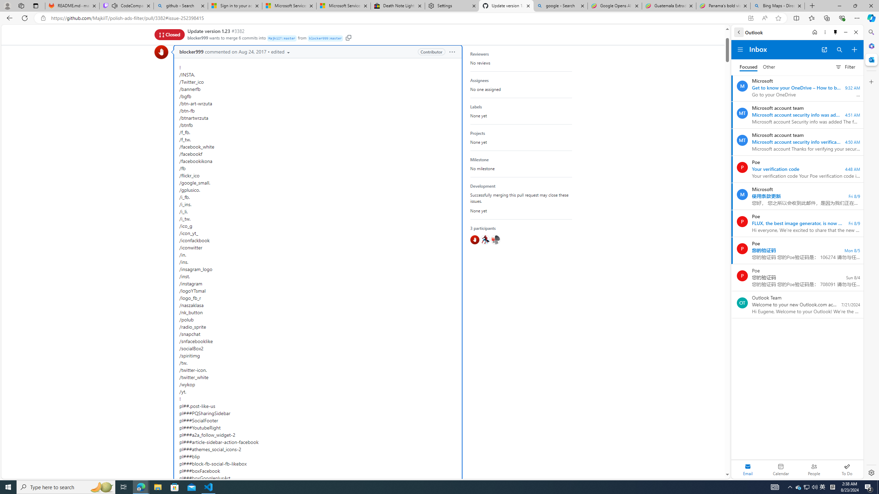  What do you see at coordinates (854, 50) in the screenshot?
I see `'Compose new mail'` at bounding box center [854, 50].